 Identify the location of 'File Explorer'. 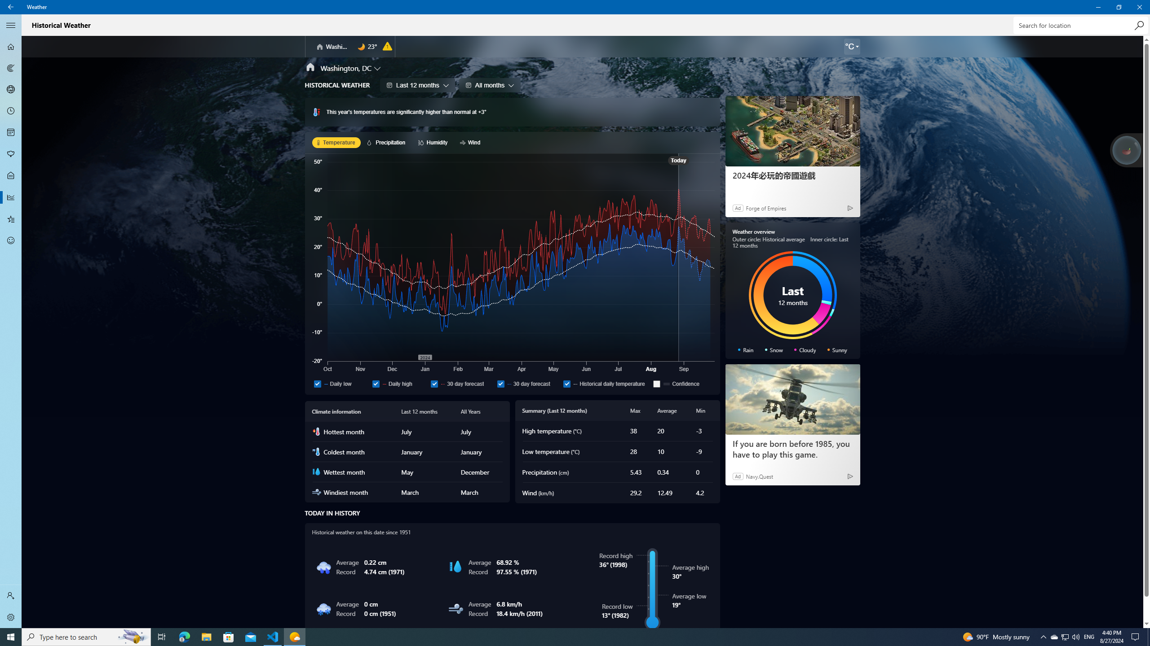
(206, 636).